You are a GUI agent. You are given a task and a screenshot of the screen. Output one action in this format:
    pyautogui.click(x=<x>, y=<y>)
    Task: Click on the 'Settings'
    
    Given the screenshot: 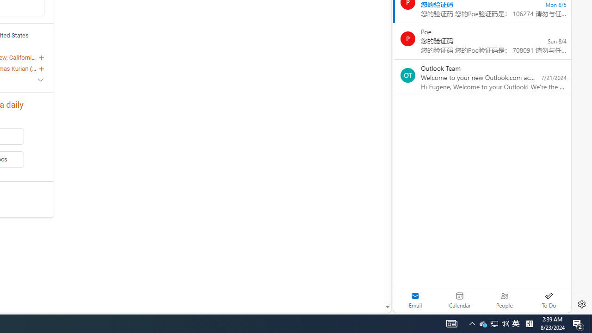 What is the action you would take?
    pyautogui.click(x=581, y=304)
    